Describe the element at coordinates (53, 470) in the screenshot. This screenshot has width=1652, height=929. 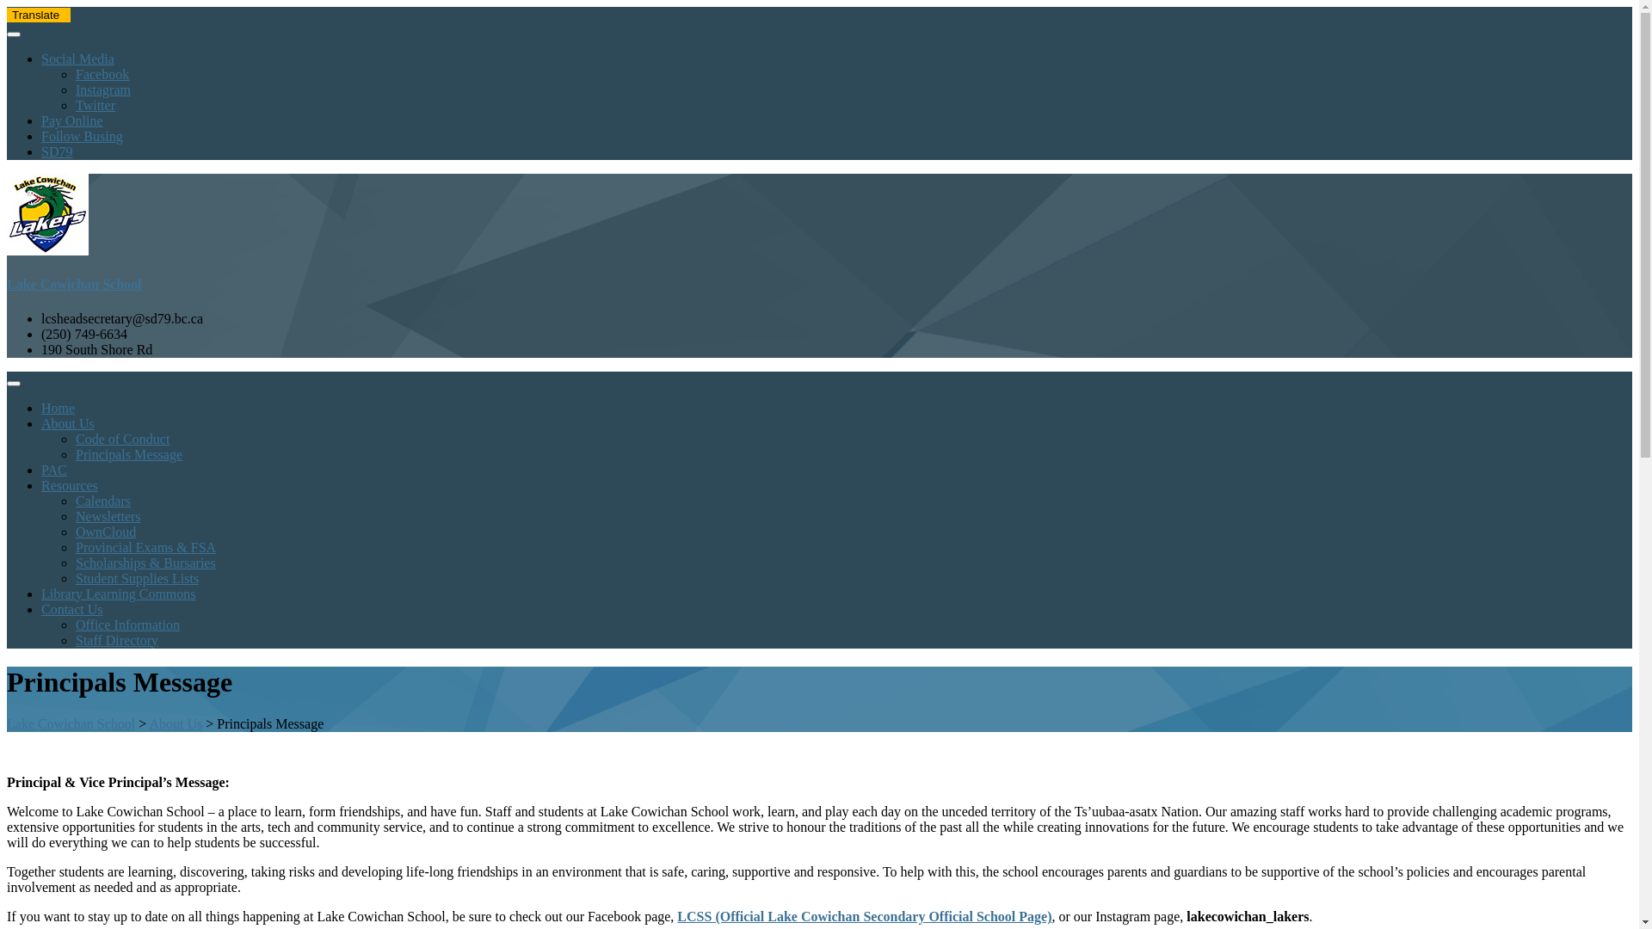
I see `'PAC'` at that location.